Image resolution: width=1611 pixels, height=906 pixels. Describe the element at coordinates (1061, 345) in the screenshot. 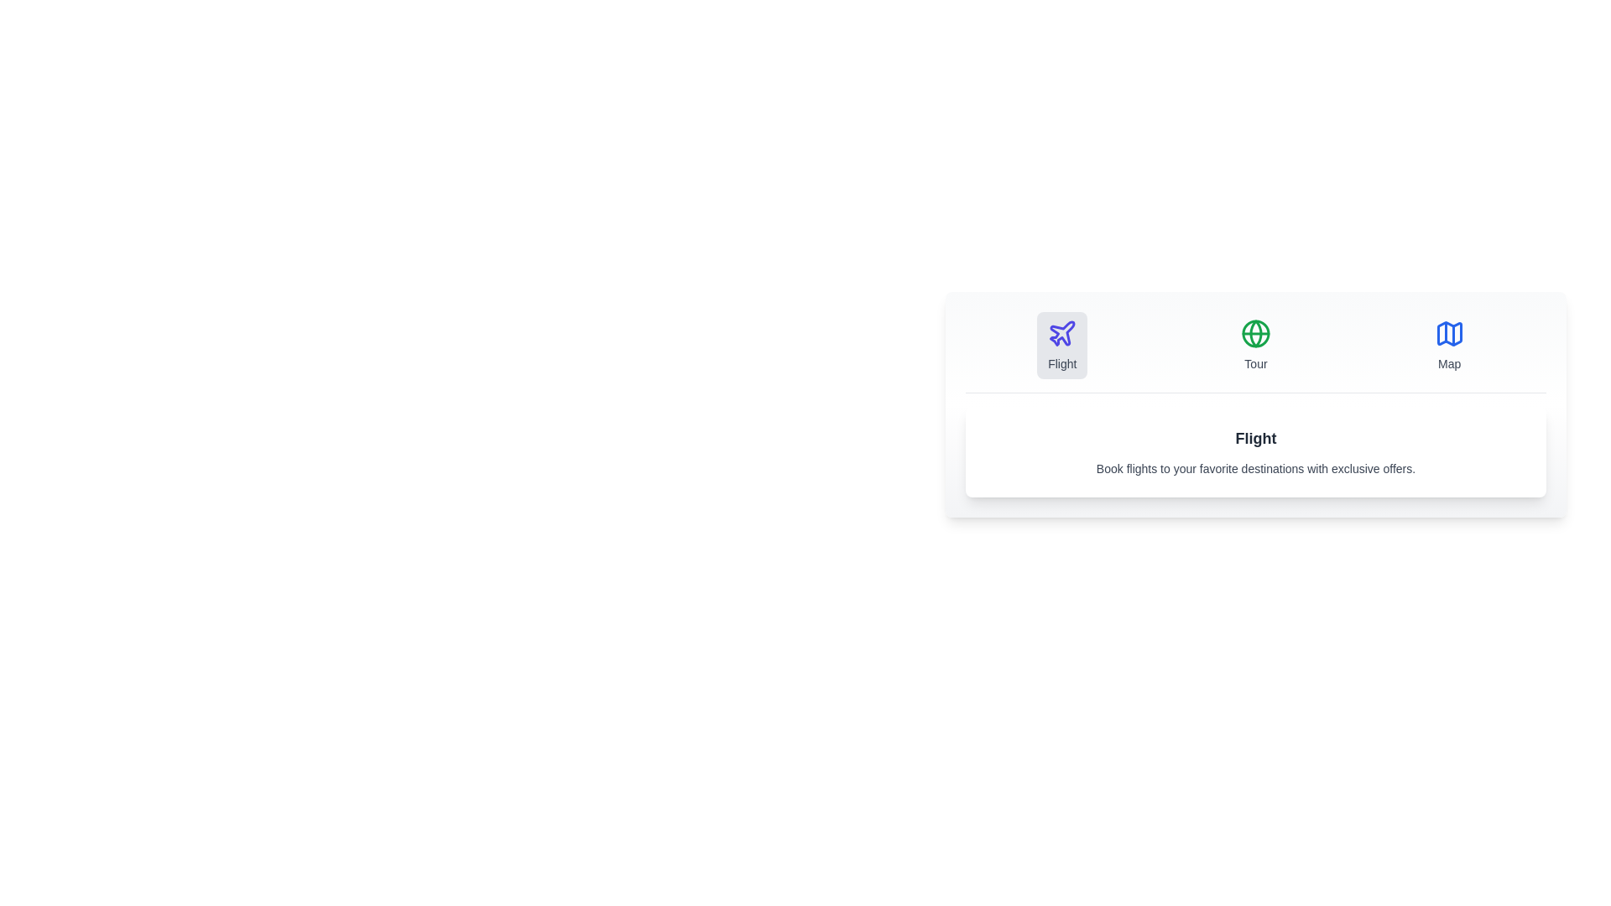

I see `the 'Flight' tab to activate it` at that location.